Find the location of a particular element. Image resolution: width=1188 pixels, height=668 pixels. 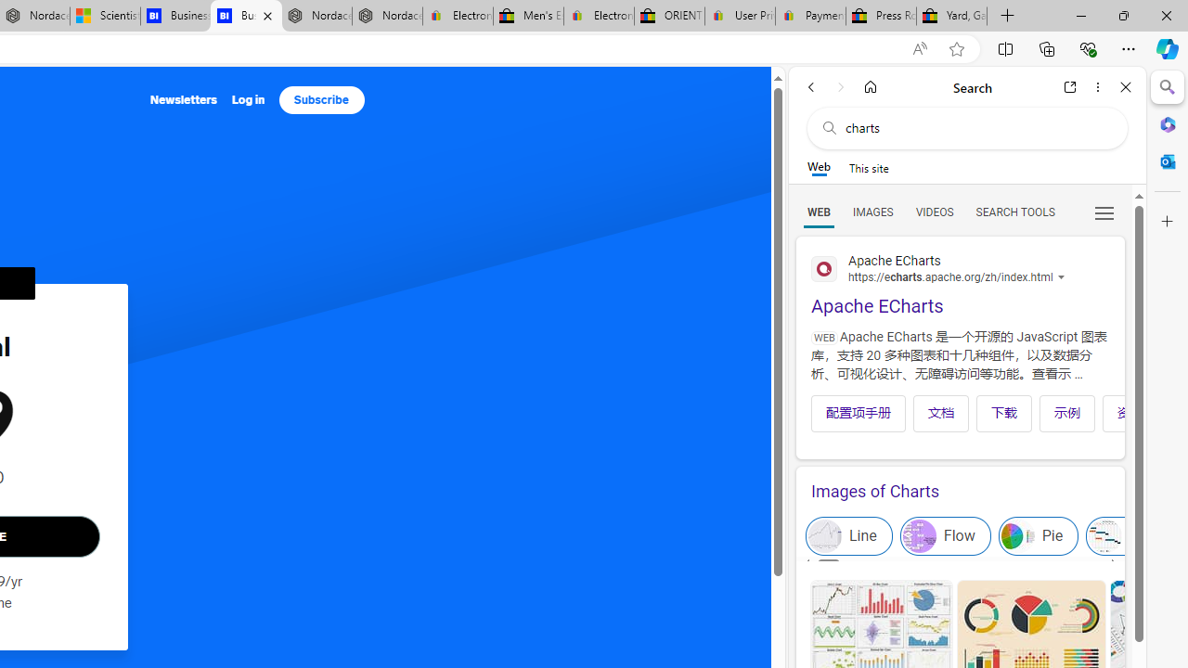

'Forward' is located at coordinates (840, 86).